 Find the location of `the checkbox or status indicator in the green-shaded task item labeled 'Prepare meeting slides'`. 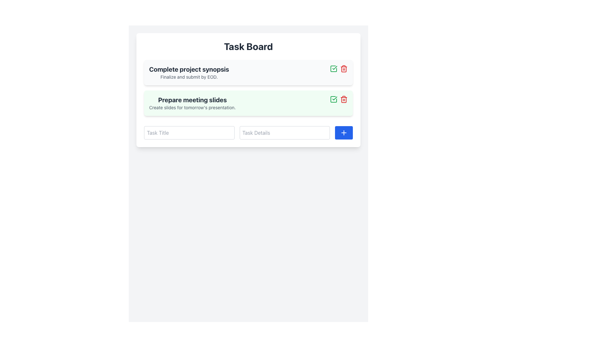

the checkbox or status indicator in the green-shaded task item labeled 'Prepare meeting slides' is located at coordinates (333, 99).